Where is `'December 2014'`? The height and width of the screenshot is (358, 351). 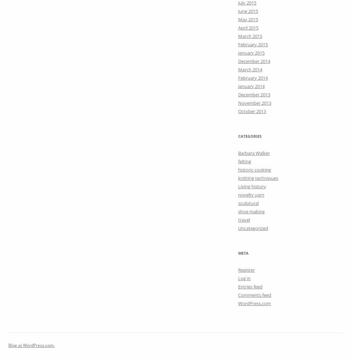 'December 2014' is located at coordinates (254, 61).